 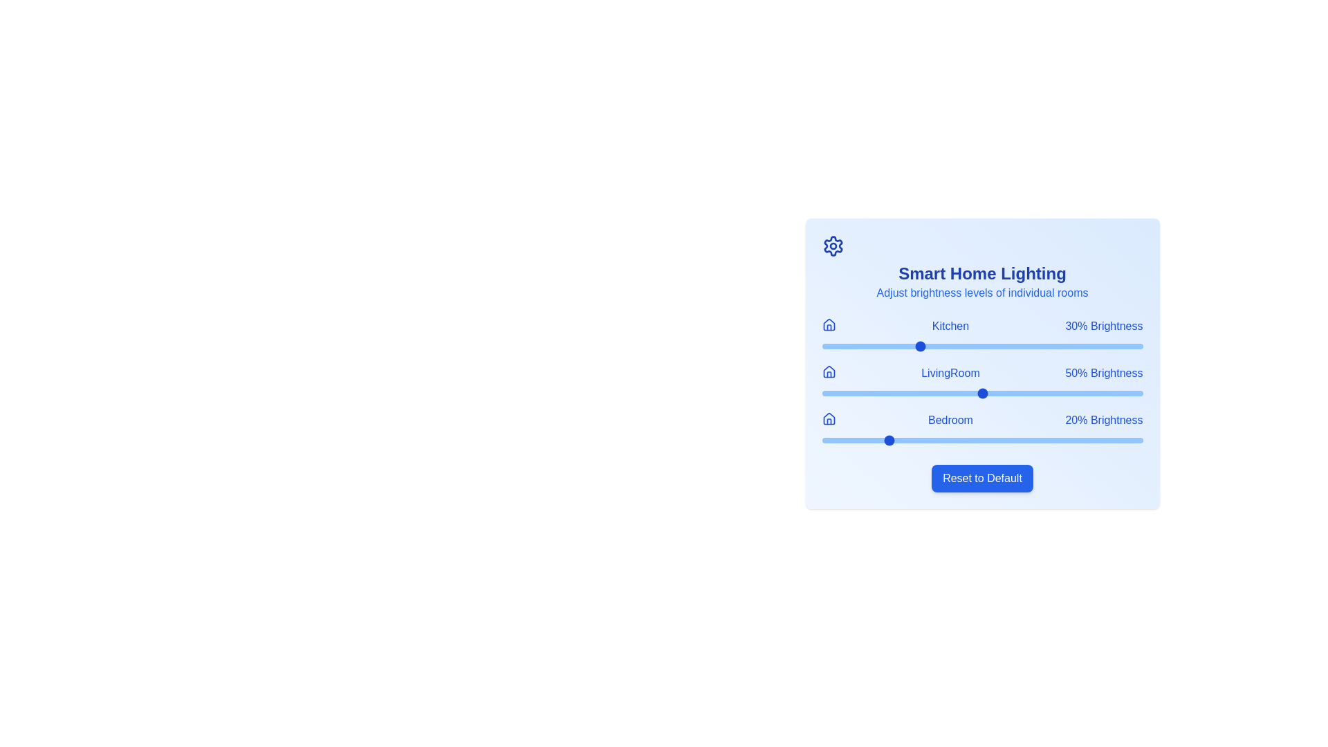 I want to click on the settings icon in the header, so click(x=832, y=245).